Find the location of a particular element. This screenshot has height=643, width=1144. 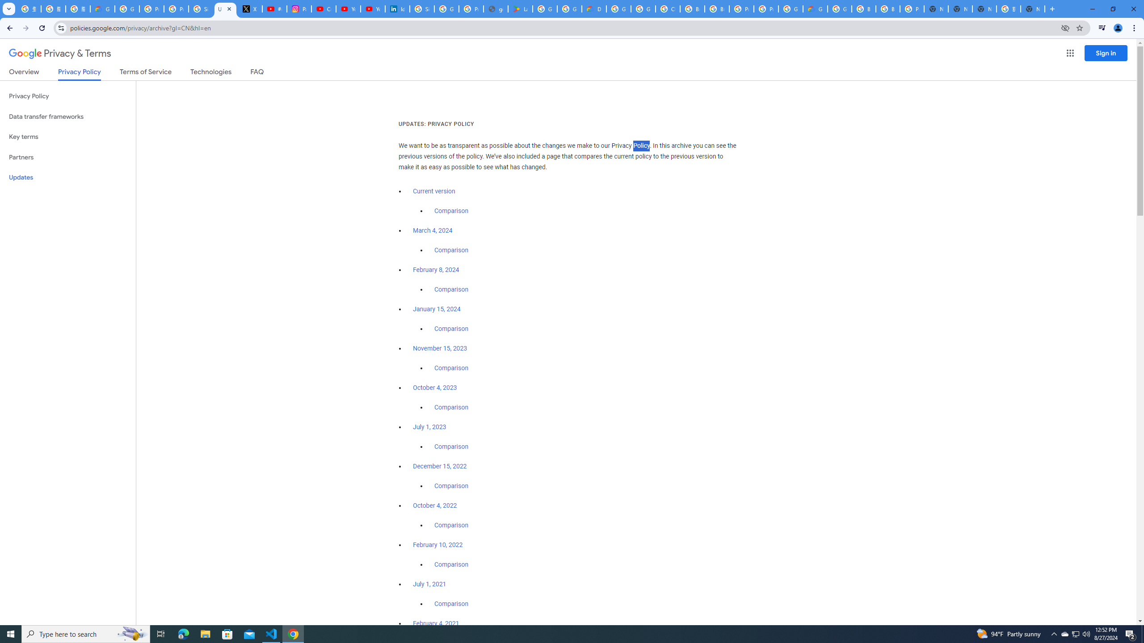

'Google Workspace - Specific Terms' is located at coordinates (569, 8).